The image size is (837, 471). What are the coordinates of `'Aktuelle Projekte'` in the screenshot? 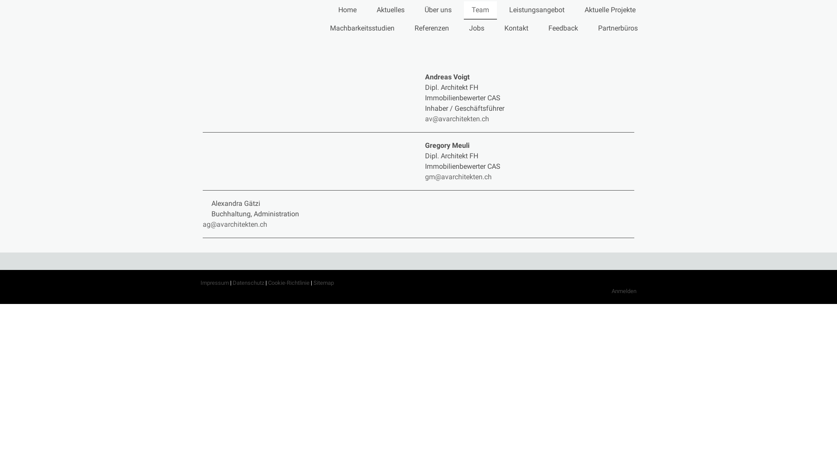 It's located at (609, 10).